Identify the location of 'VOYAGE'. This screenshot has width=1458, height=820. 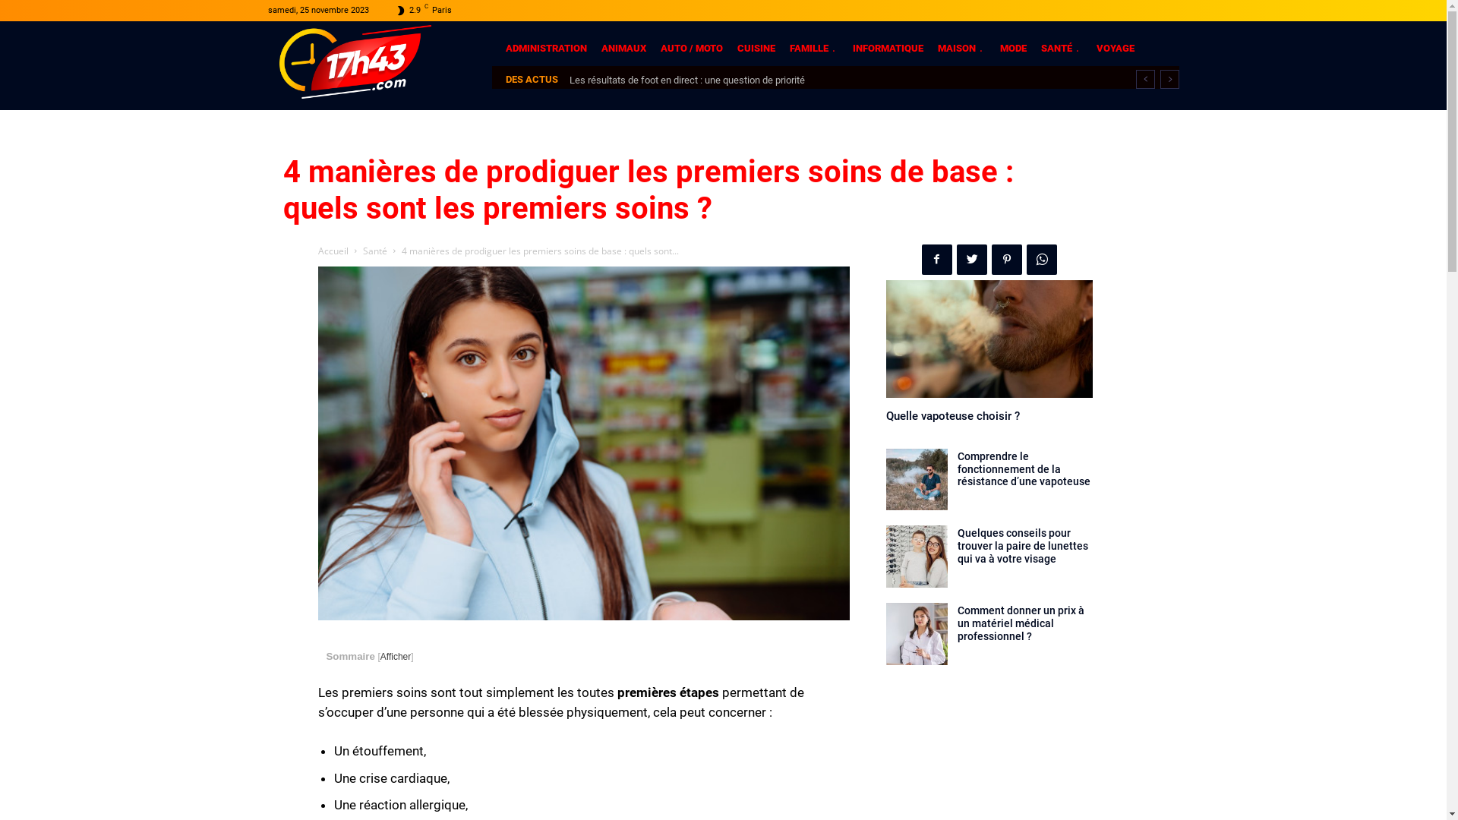
(1115, 47).